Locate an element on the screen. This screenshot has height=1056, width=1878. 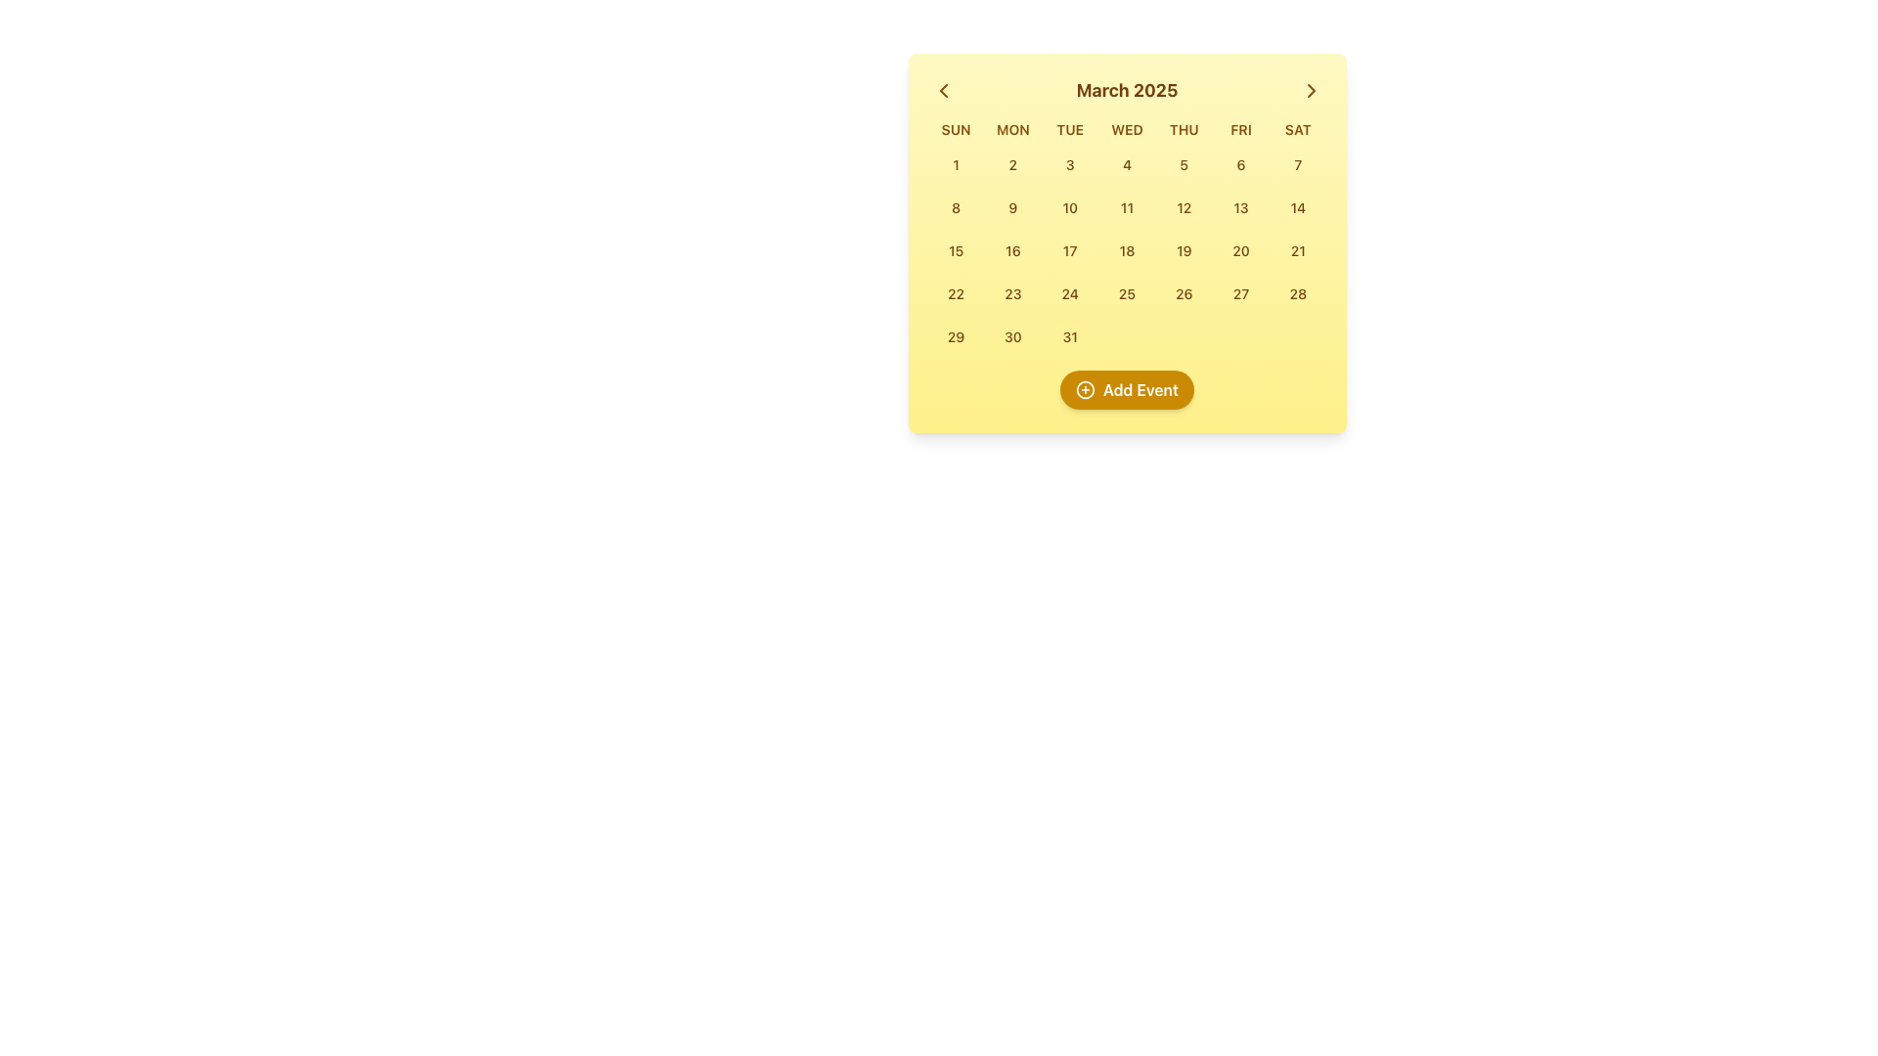
the calendar date text element located in the fourth week of March 2025, specifically in the Thursday column is located at coordinates (1183, 293).